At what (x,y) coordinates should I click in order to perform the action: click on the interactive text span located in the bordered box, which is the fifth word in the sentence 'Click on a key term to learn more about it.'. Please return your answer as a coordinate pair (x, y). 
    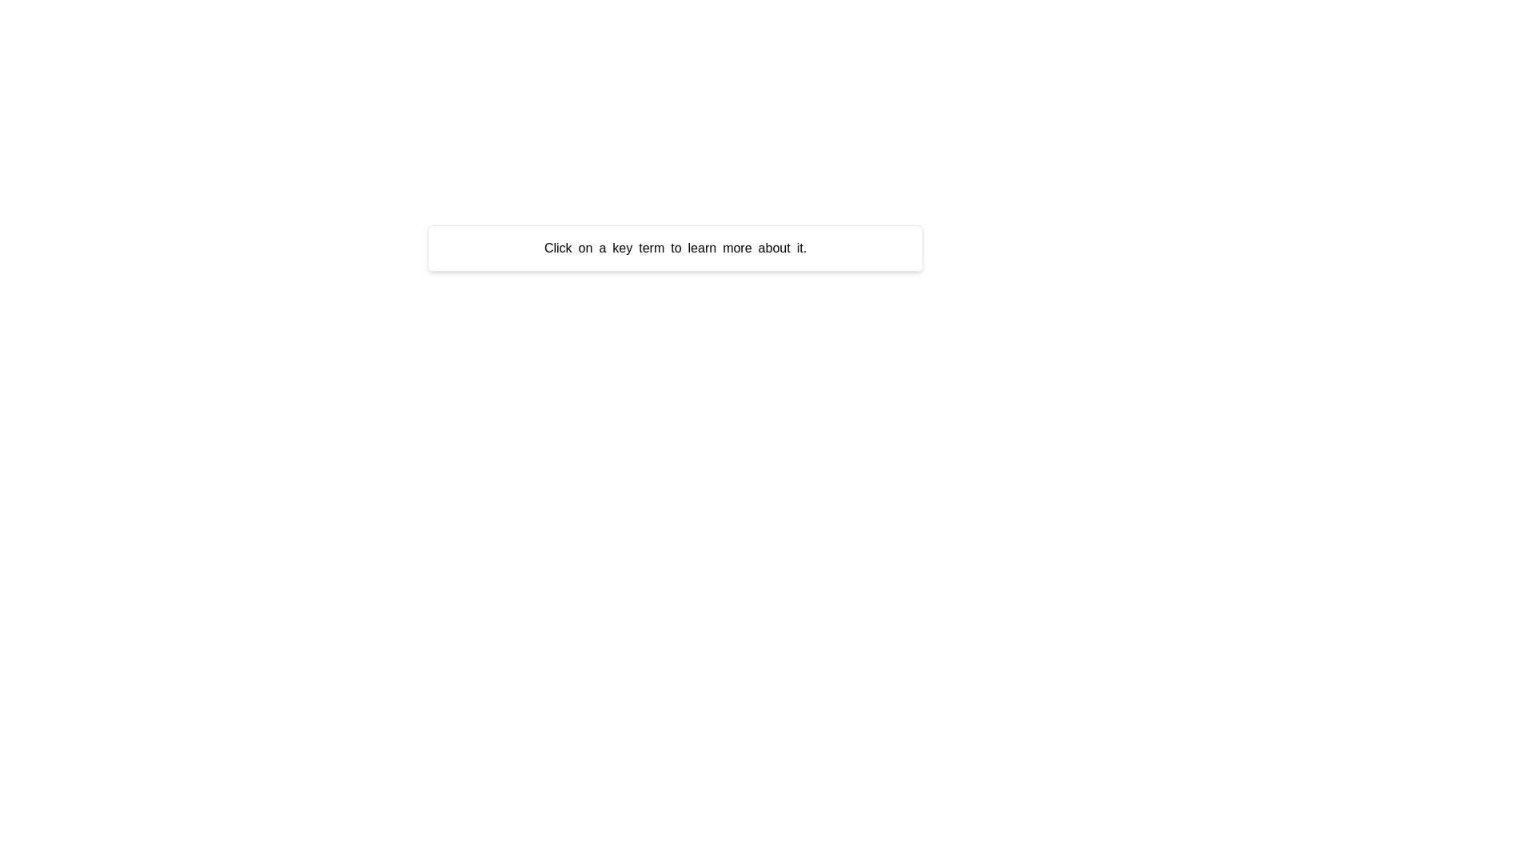
    Looking at the image, I should click on (652, 248).